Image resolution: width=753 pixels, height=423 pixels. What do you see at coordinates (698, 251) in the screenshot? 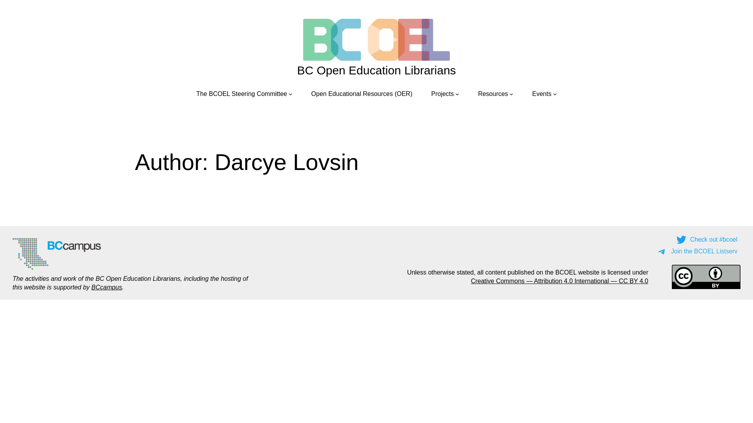
I see `'Join the BCOEL Listserv'` at bounding box center [698, 251].